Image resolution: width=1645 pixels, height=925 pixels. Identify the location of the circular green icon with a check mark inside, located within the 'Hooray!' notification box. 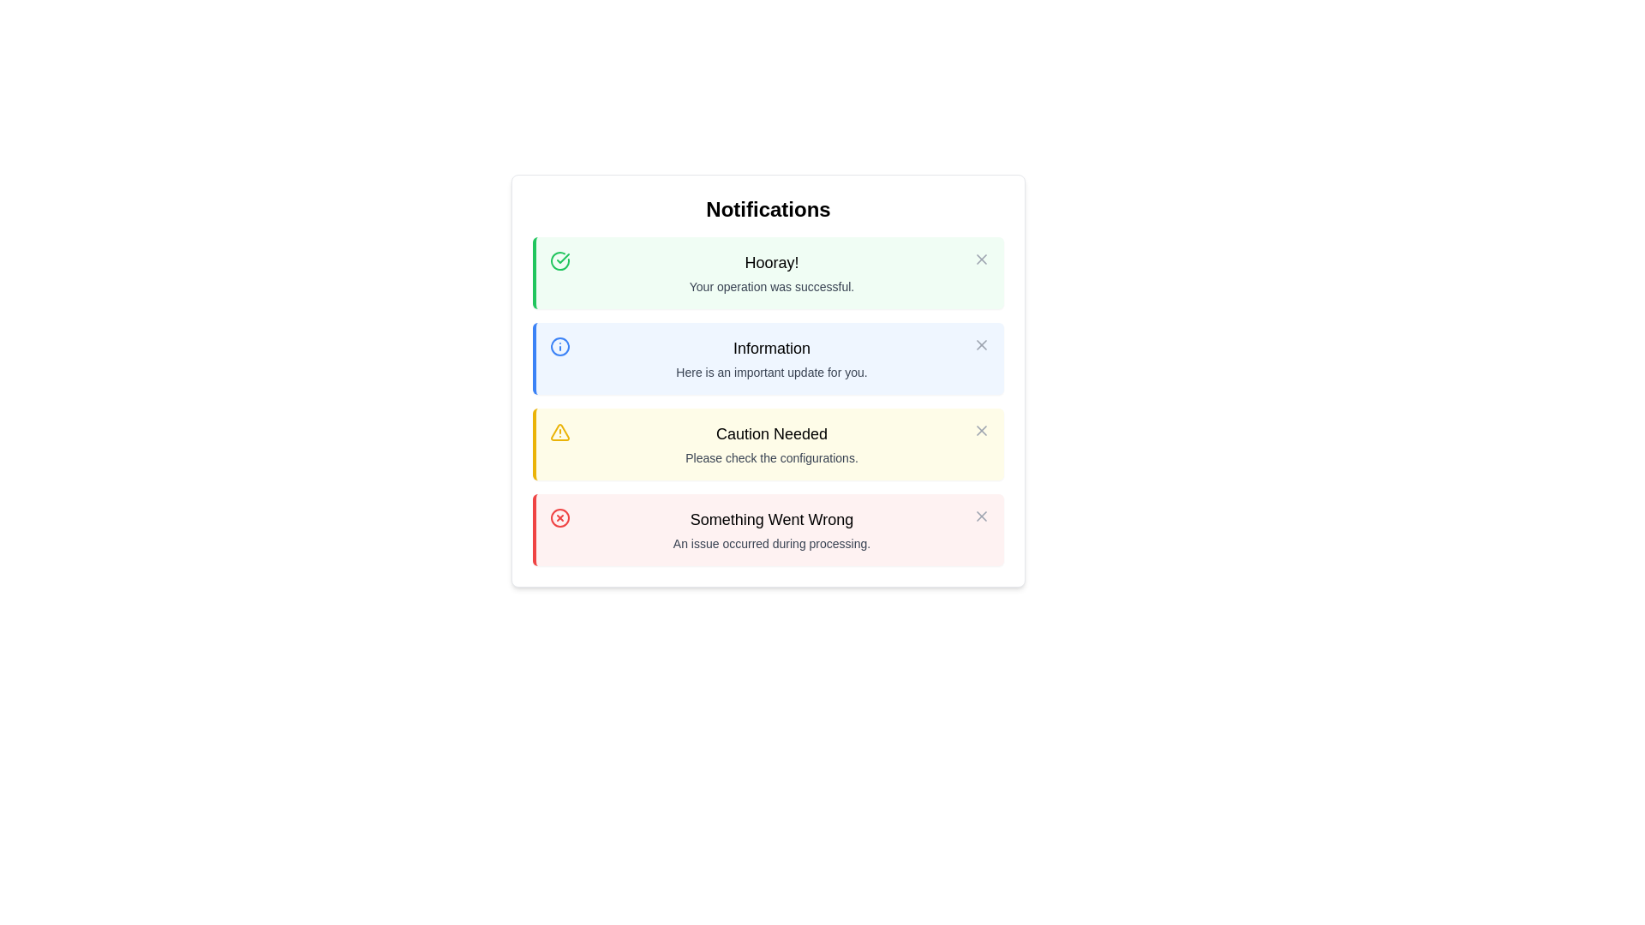
(559, 260).